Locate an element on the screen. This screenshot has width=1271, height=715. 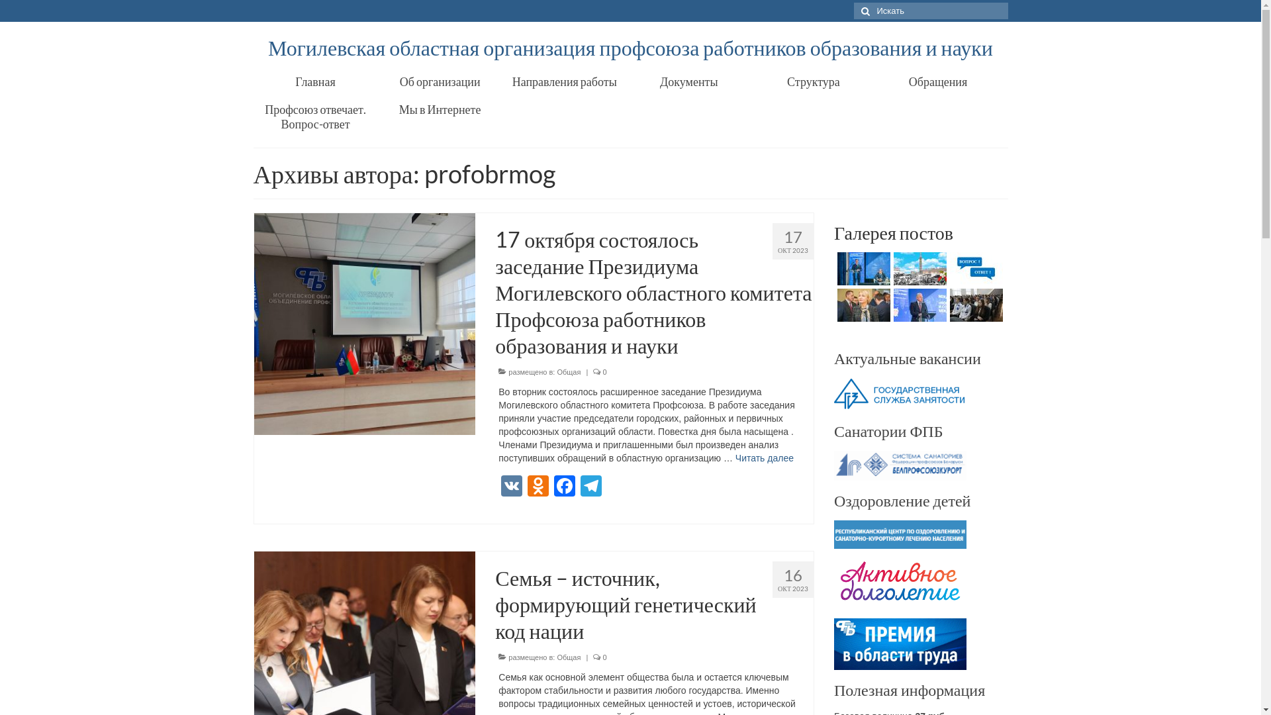
'VK' is located at coordinates (498, 487).